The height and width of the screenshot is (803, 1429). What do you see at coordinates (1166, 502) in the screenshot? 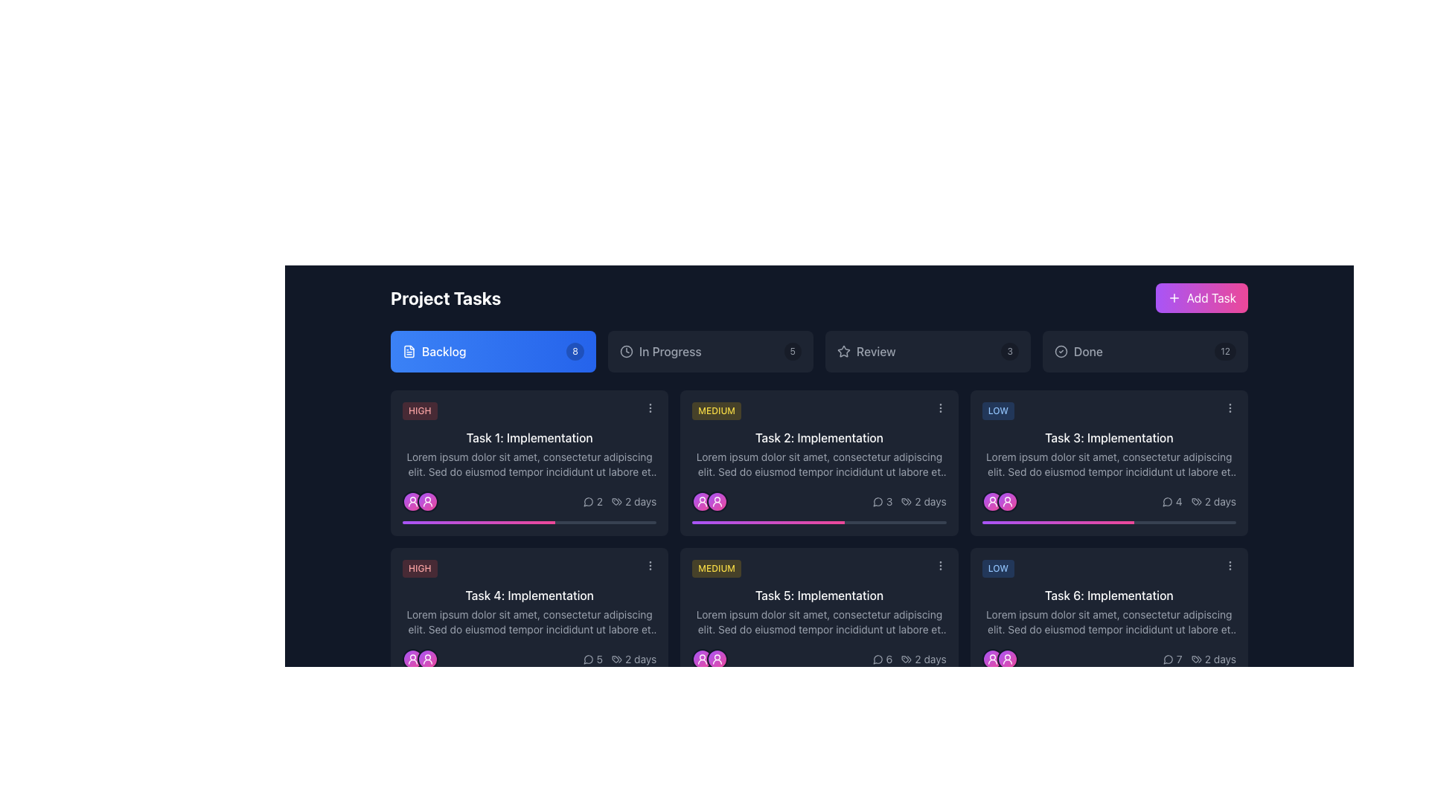
I see `the Icon button located inside the 'Task 3: Implementation' card in the 'LOW' priority section, positioned towards the bottom-right near other task detail icons` at bounding box center [1166, 502].